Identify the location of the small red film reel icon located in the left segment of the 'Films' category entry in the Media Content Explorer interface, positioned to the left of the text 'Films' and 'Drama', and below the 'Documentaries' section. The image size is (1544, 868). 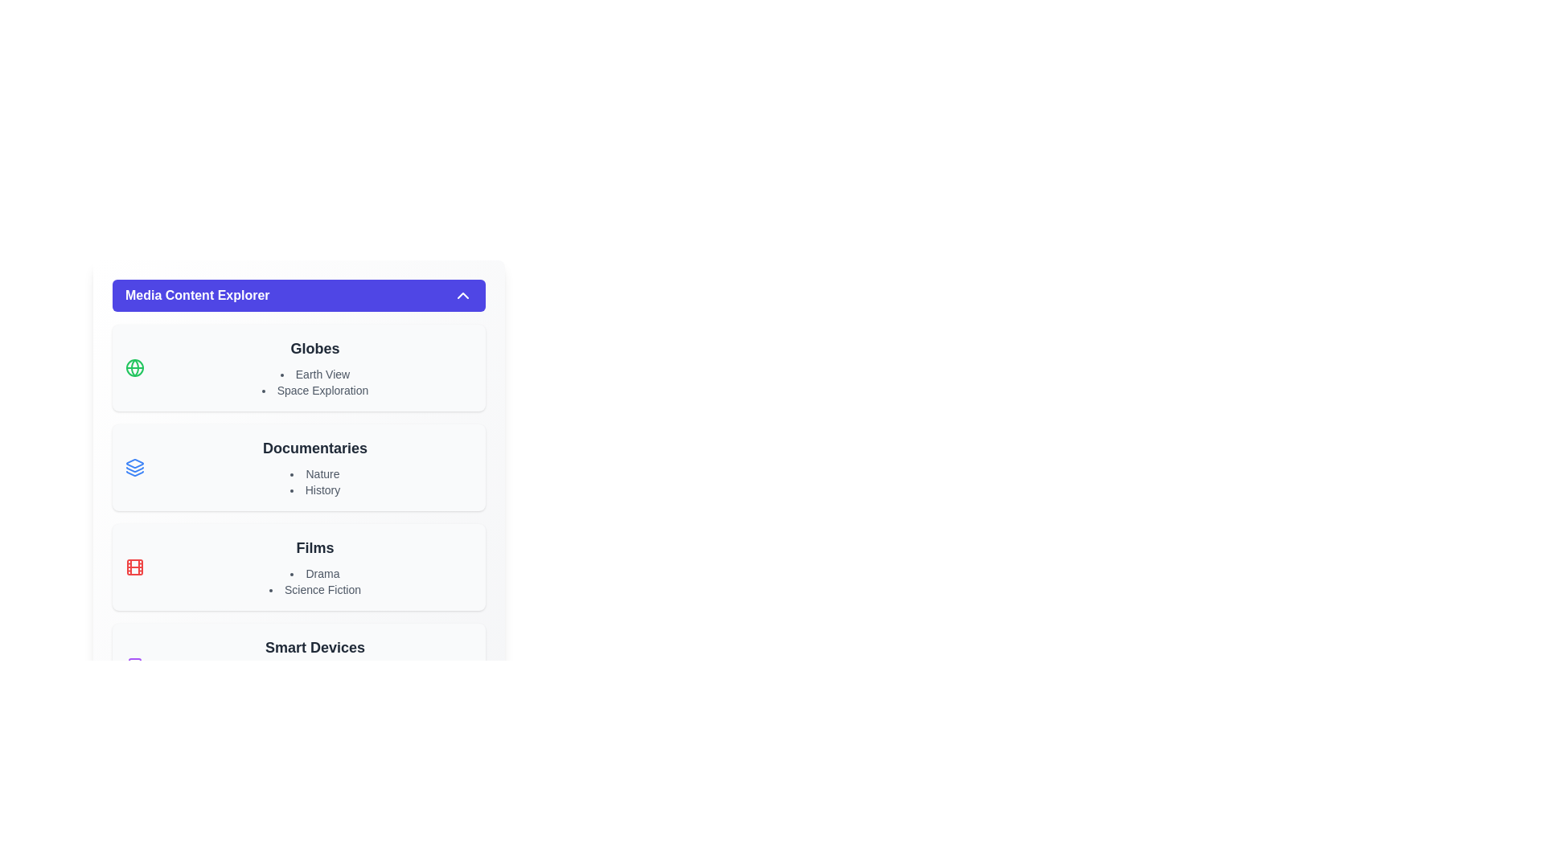
(135, 566).